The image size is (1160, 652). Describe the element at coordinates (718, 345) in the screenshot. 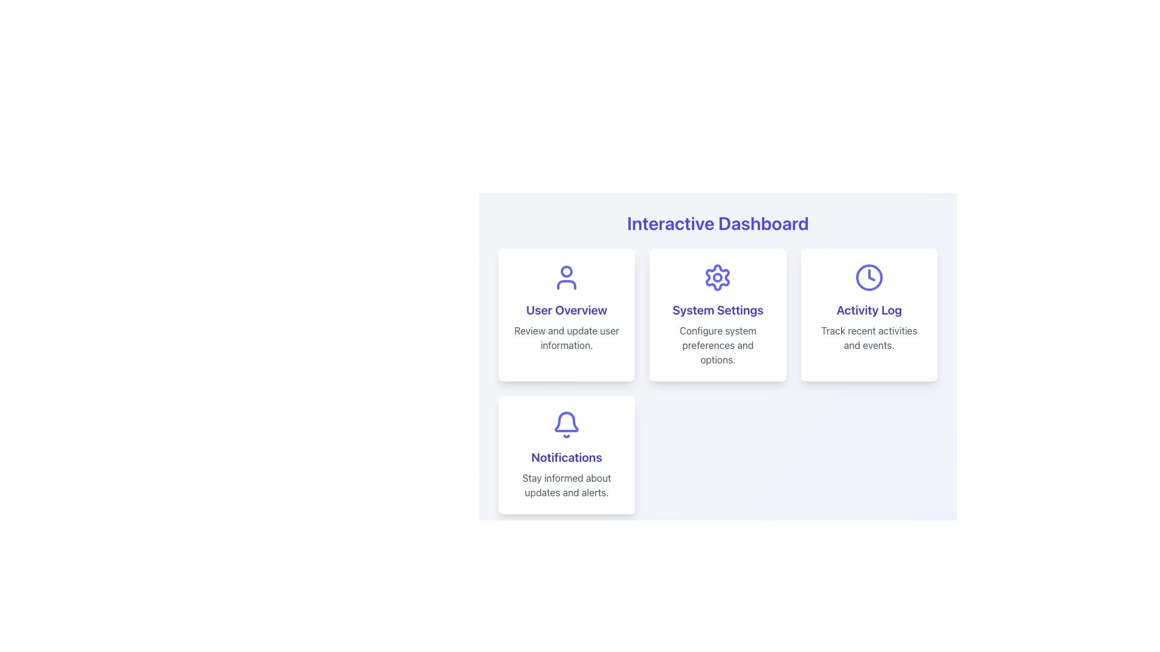

I see `the static text element providing details about the 'System Settings' feature, located below the 'System Settings' heading in the dashboard interface` at that location.